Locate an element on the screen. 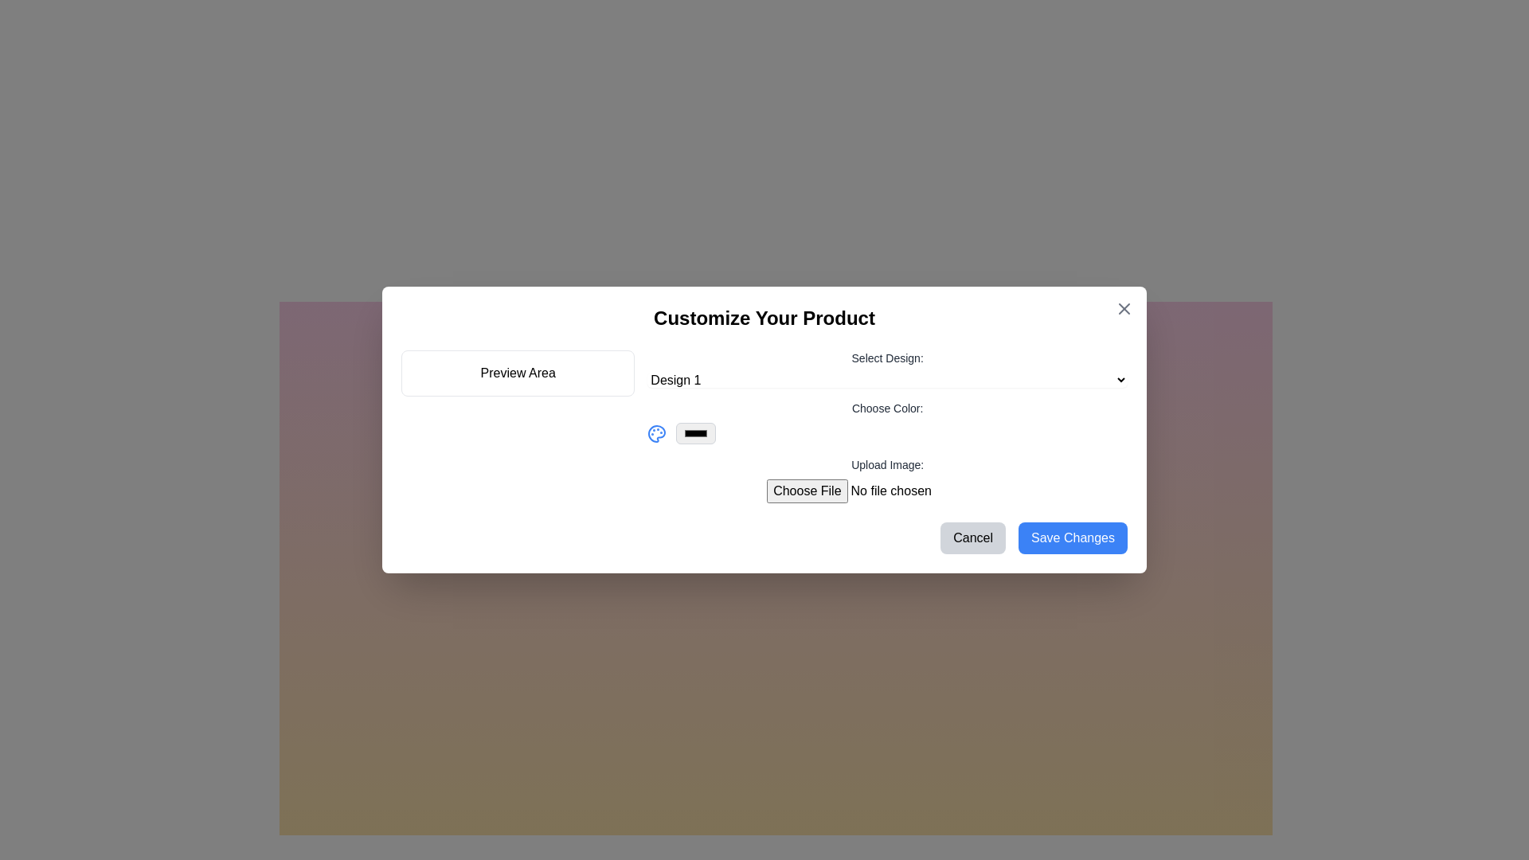  the 'Preview Area' text label, which is located in the top left corner of the modal window with a white background and rounded corners is located at coordinates (518, 373).